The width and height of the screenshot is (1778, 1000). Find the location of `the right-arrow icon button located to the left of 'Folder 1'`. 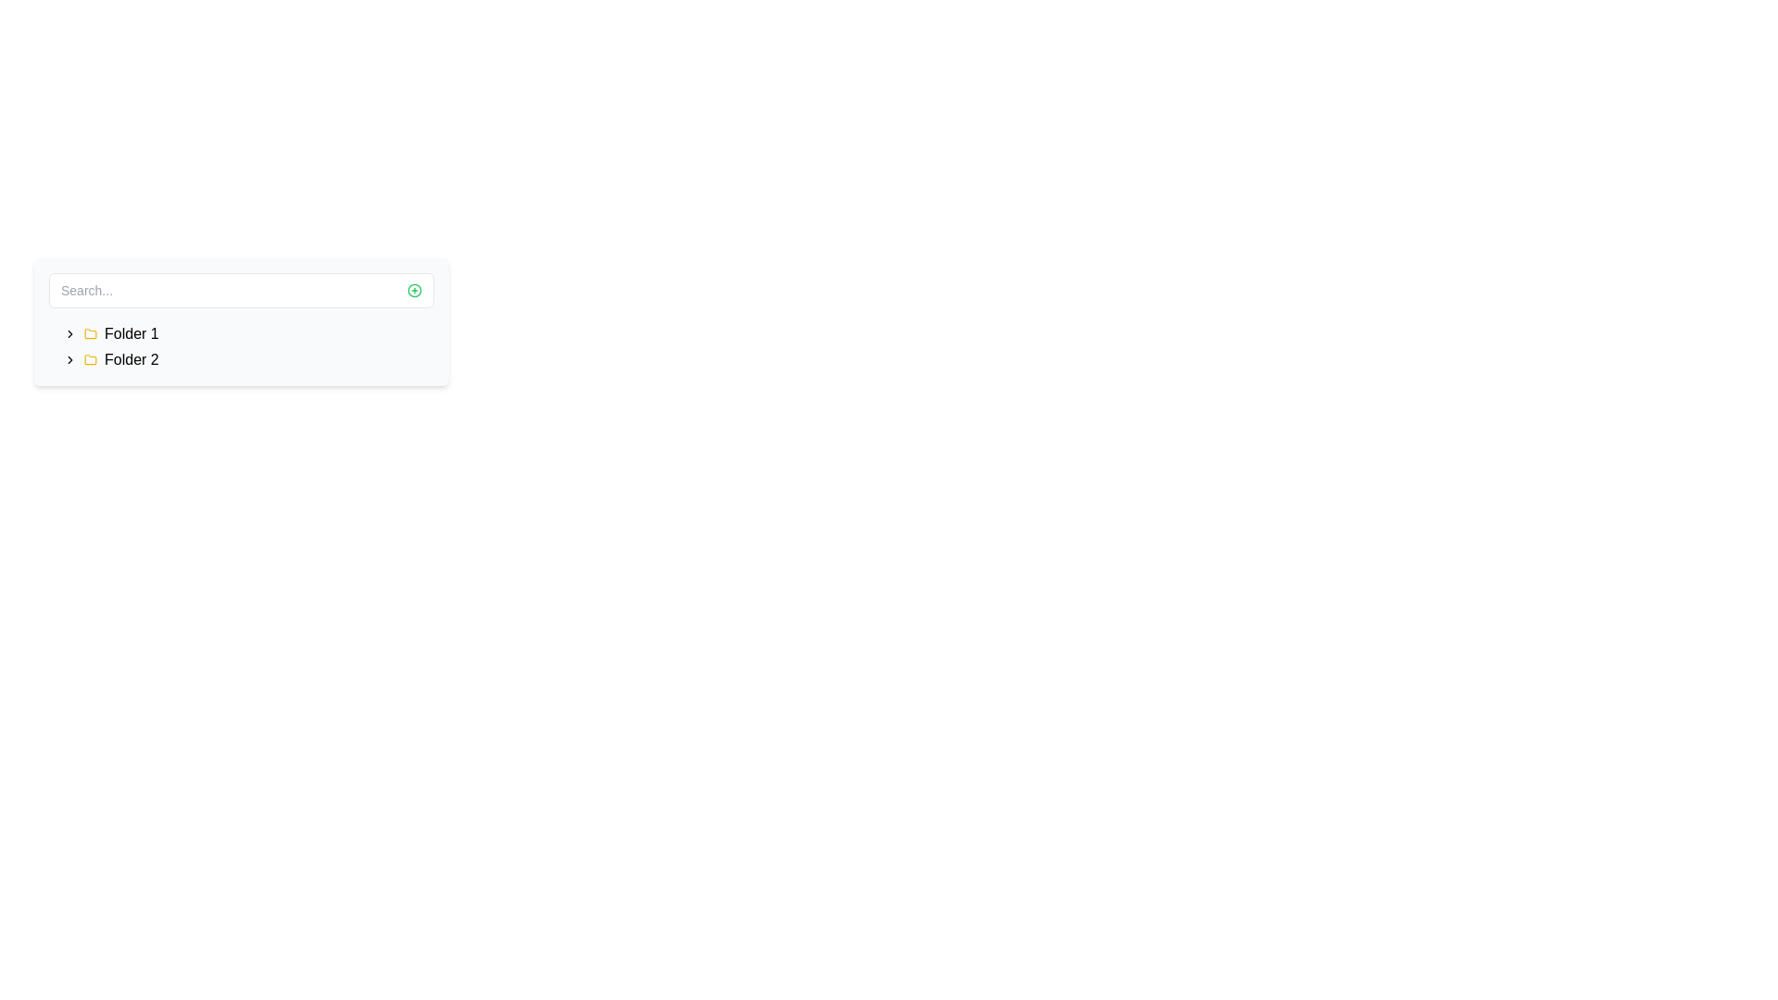

the right-arrow icon button located to the left of 'Folder 1' is located at coordinates (70, 334).